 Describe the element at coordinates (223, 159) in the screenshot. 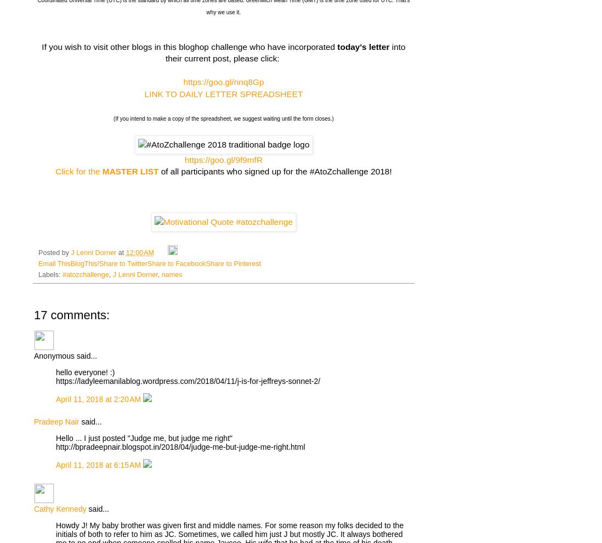

I see `'https://goo.gl/9f9mfR'` at that location.